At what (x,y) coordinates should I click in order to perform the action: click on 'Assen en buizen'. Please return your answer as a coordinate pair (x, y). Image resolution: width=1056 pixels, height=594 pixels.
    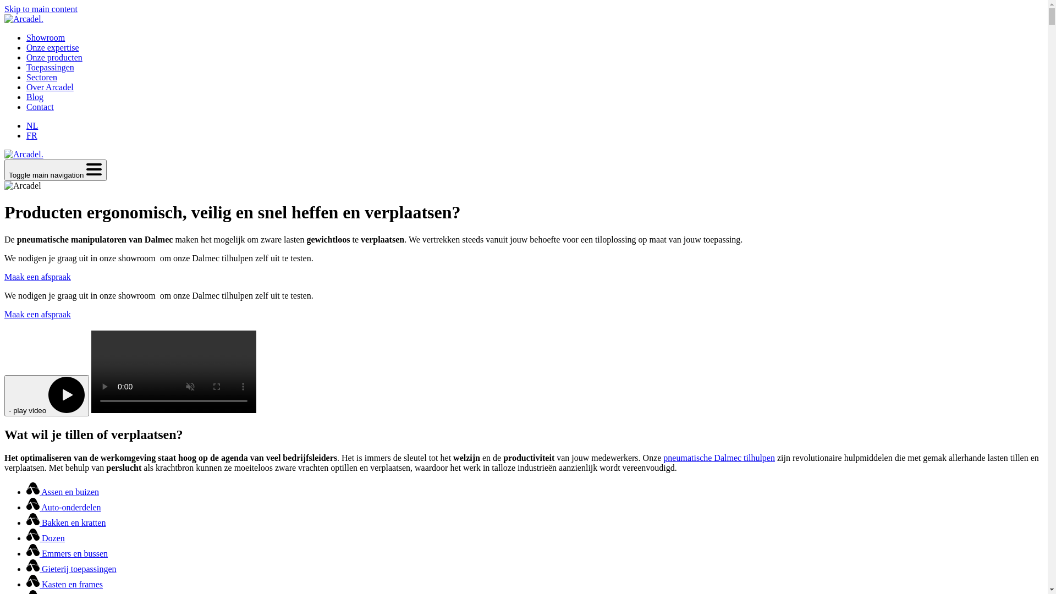
    Looking at the image, I should click on (62, 491).